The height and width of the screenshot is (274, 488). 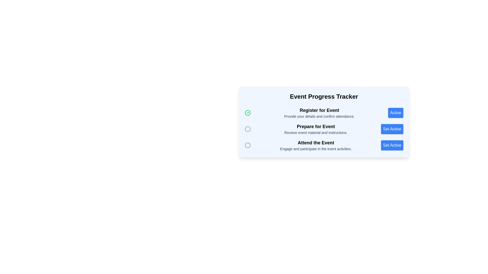 I want to click on the Text label providing additional information for the 'Prepare for Event' step in the event progress tracker interface, so click(x=316, y=132).